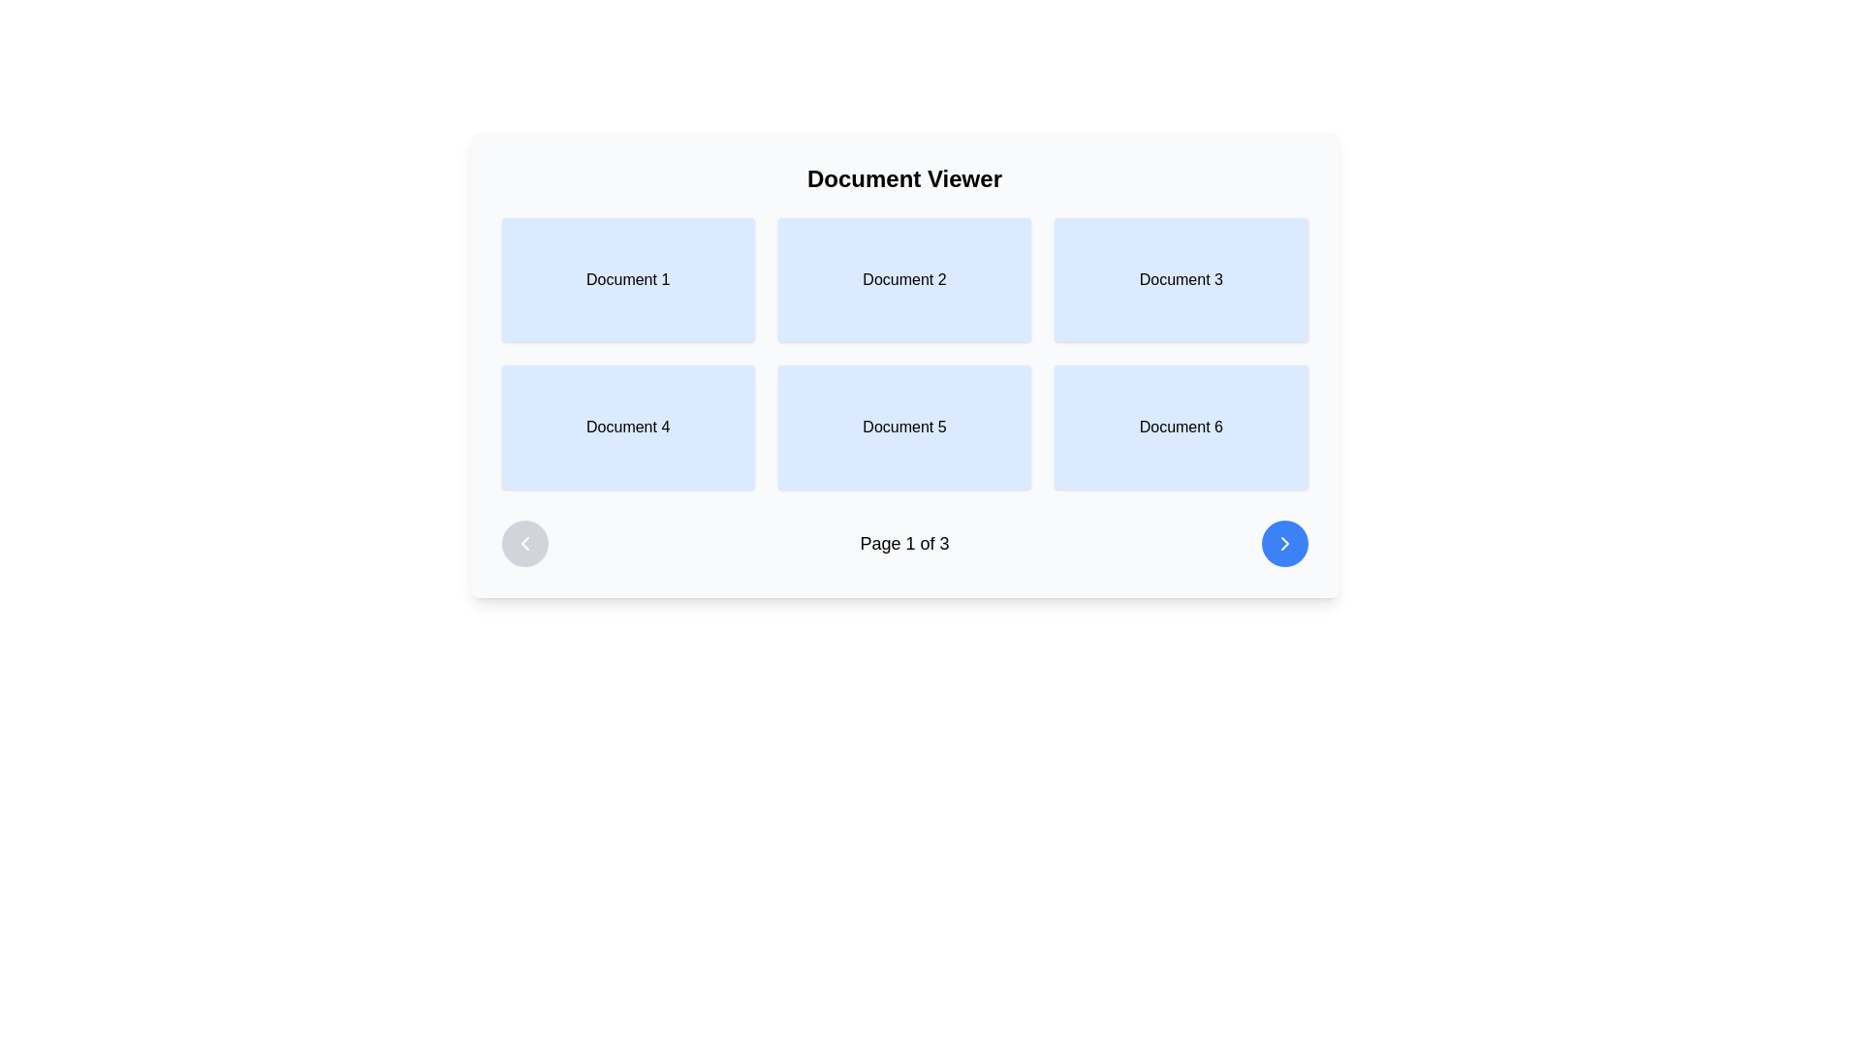 This screenshot has width=1861, height=1047. Describe the element at coordinates (903, 543) in the screenshot. I see `the text label that displays the current page and total number of pages, which is centrally located between the navigation buttons` at that location.